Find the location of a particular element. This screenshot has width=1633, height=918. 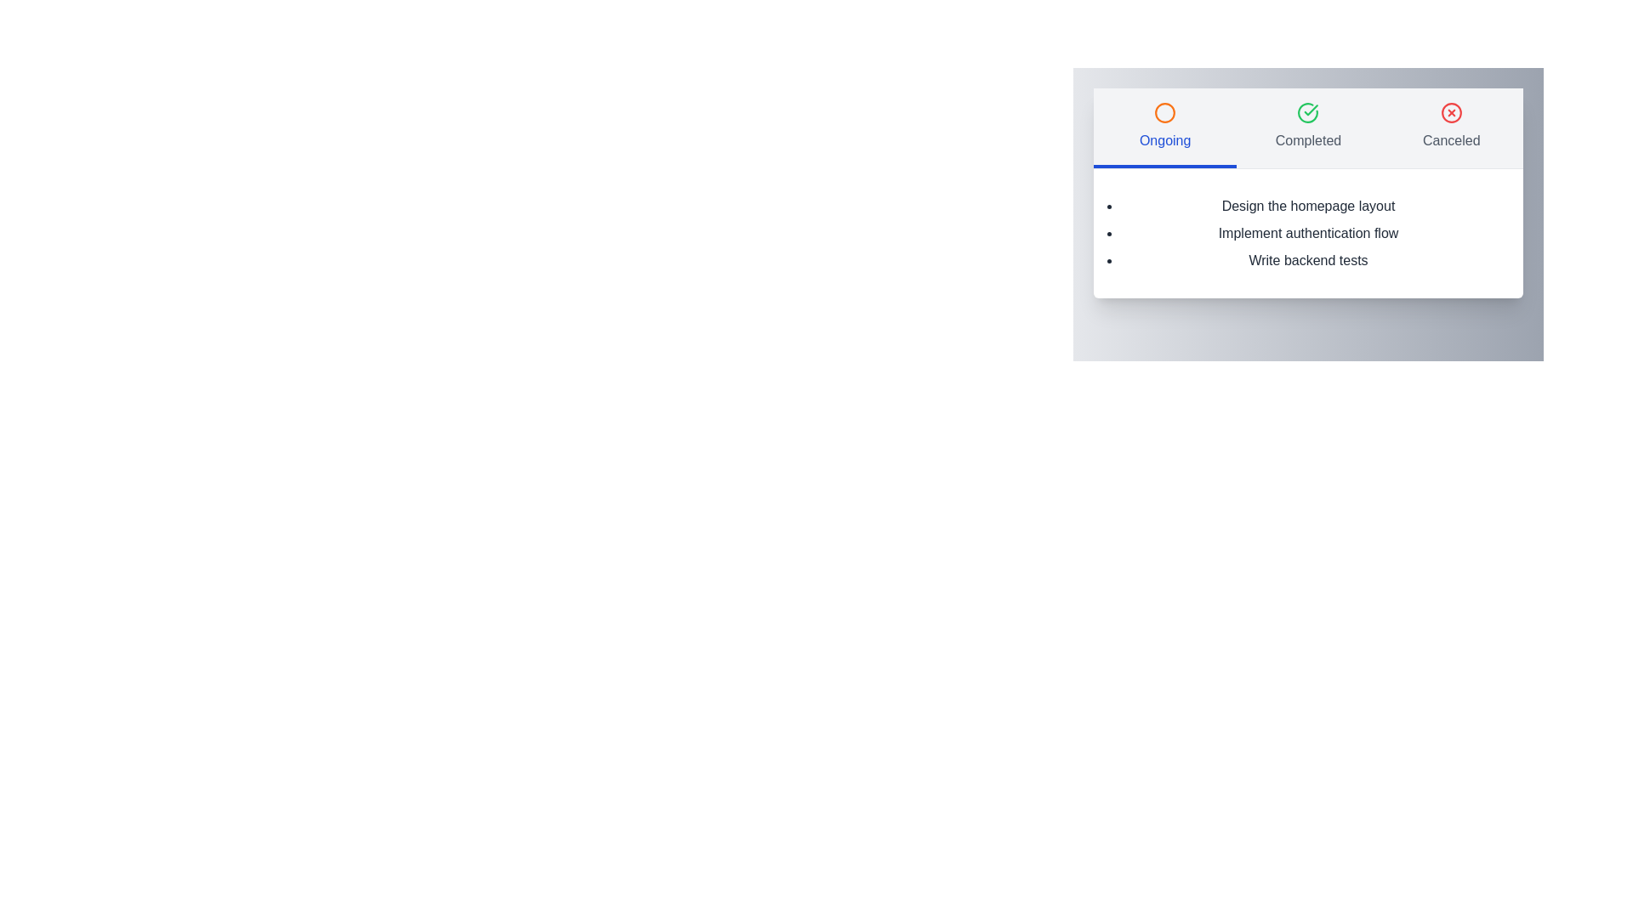

the Ongoing tab by clicking on its button is located at coordinates (1164, 127).